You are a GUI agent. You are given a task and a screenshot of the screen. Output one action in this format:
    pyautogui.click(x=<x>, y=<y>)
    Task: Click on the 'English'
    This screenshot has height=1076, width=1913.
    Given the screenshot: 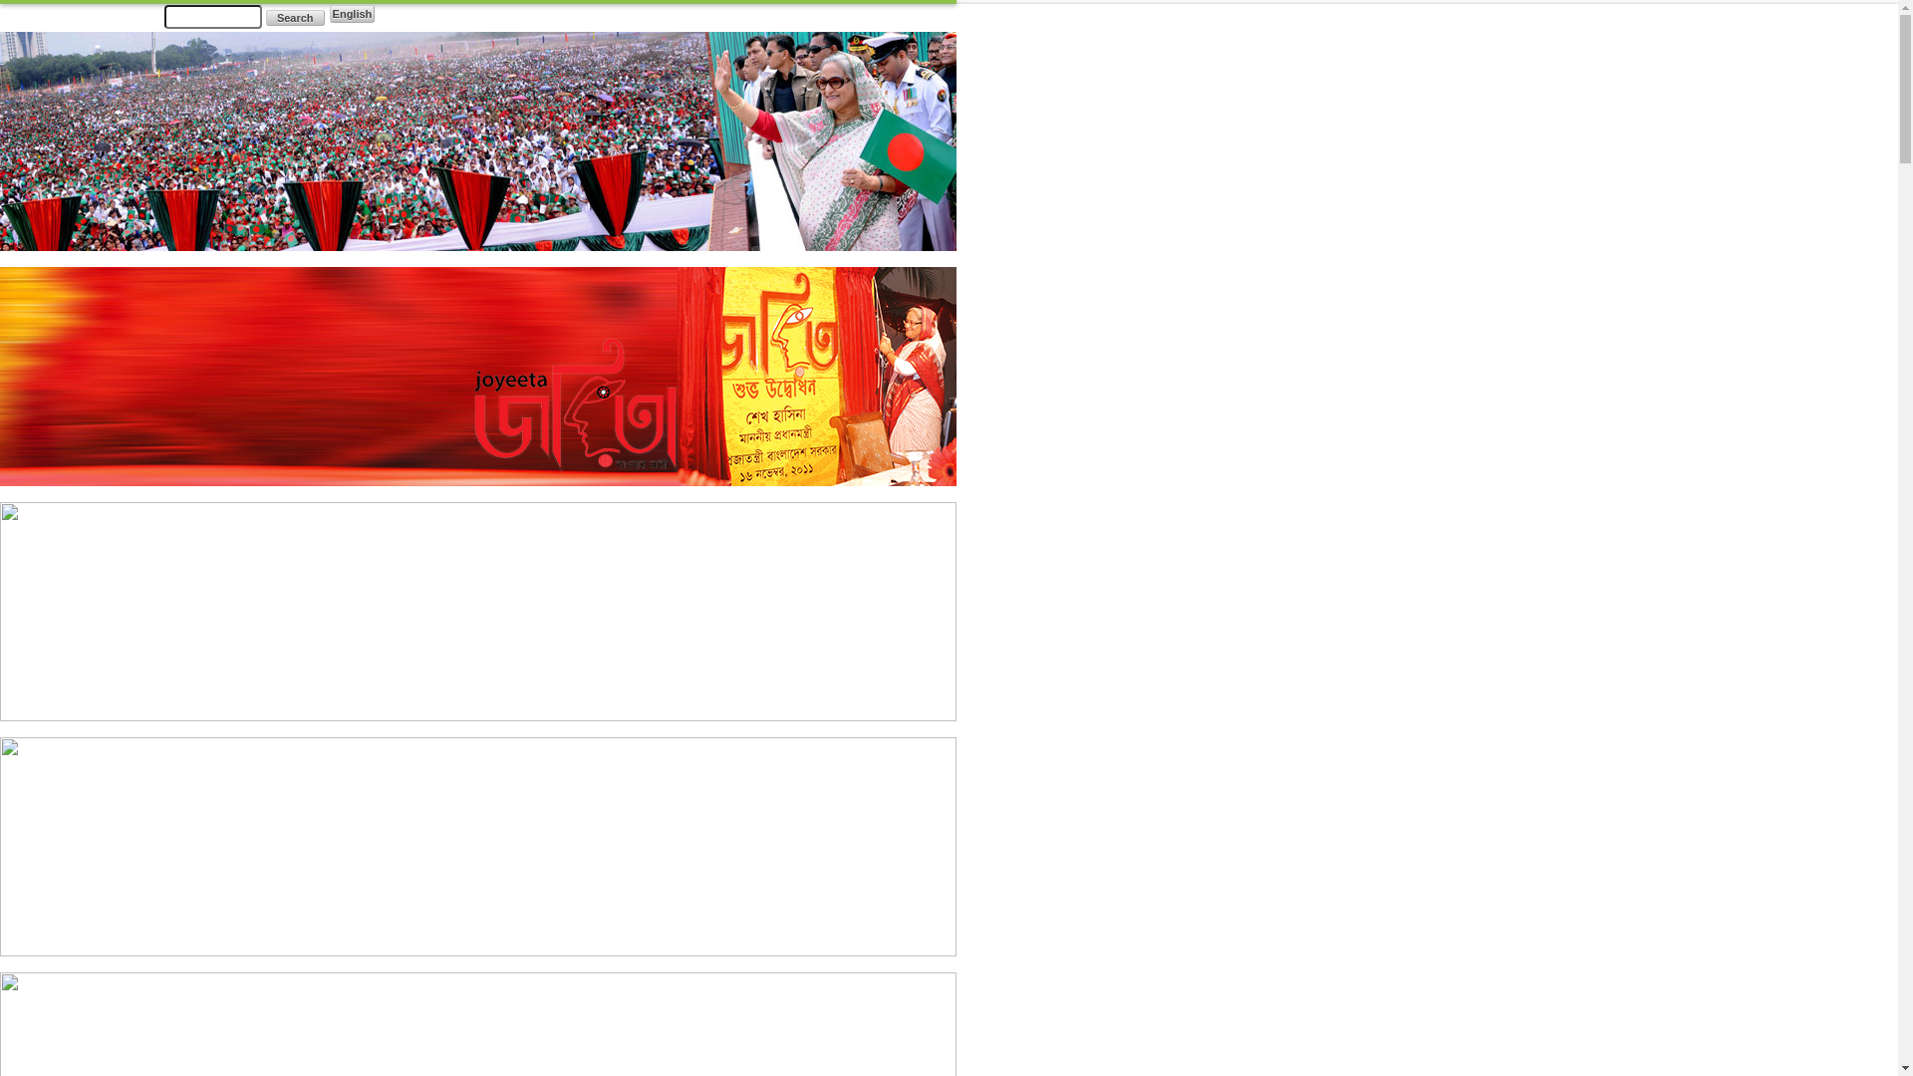 What is the action you would take?
    pyautogui.click(x=353, y=14)
    